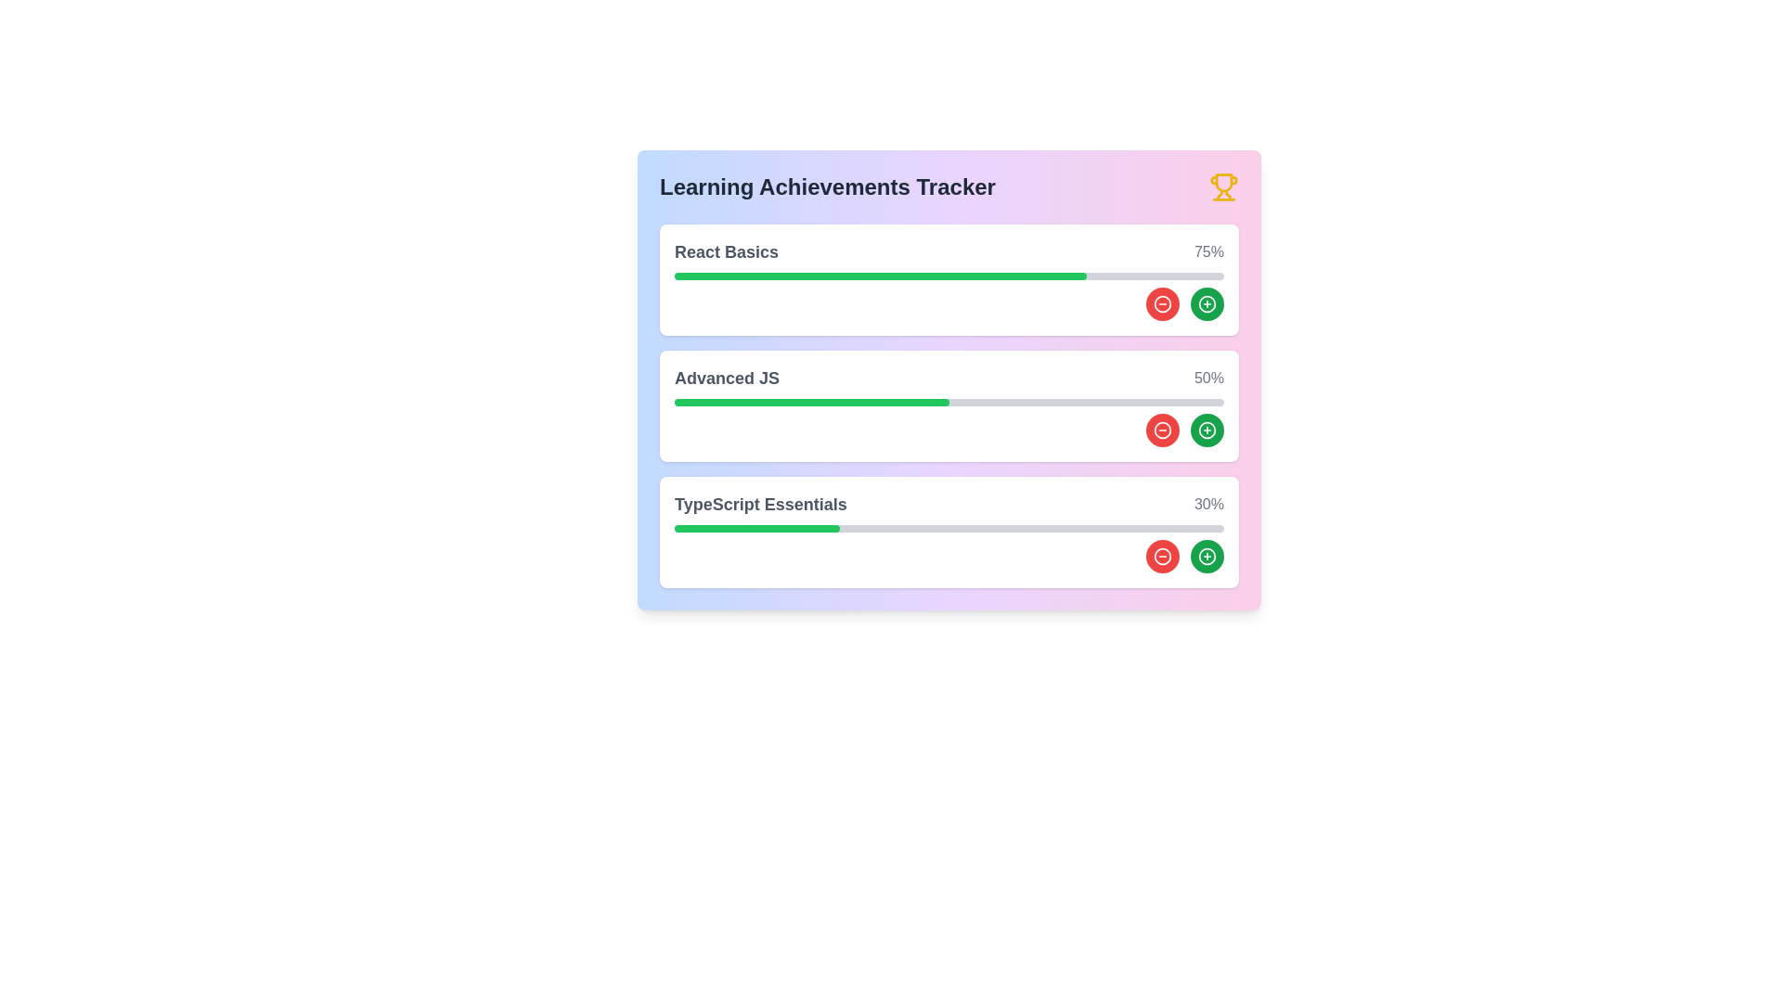 The width and height of the screenshot is (1782, 1002). Describe the element at coordinates (1161, 430) in the screenshot. I see `the red circular minus icon button located in the middle of the second row labeled 'Advanced JS' for accessibility purposes` at that location.